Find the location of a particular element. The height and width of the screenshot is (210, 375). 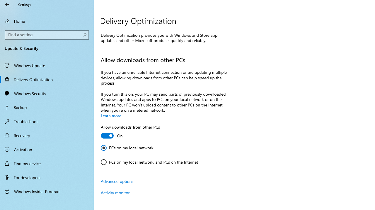

'Back' is located at coordinates (7, 4).